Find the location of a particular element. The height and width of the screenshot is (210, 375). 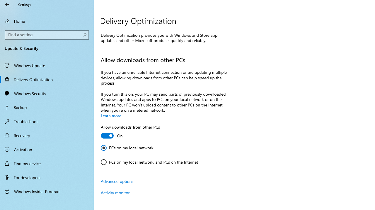

'Back' is located at coordinates (7, 4).